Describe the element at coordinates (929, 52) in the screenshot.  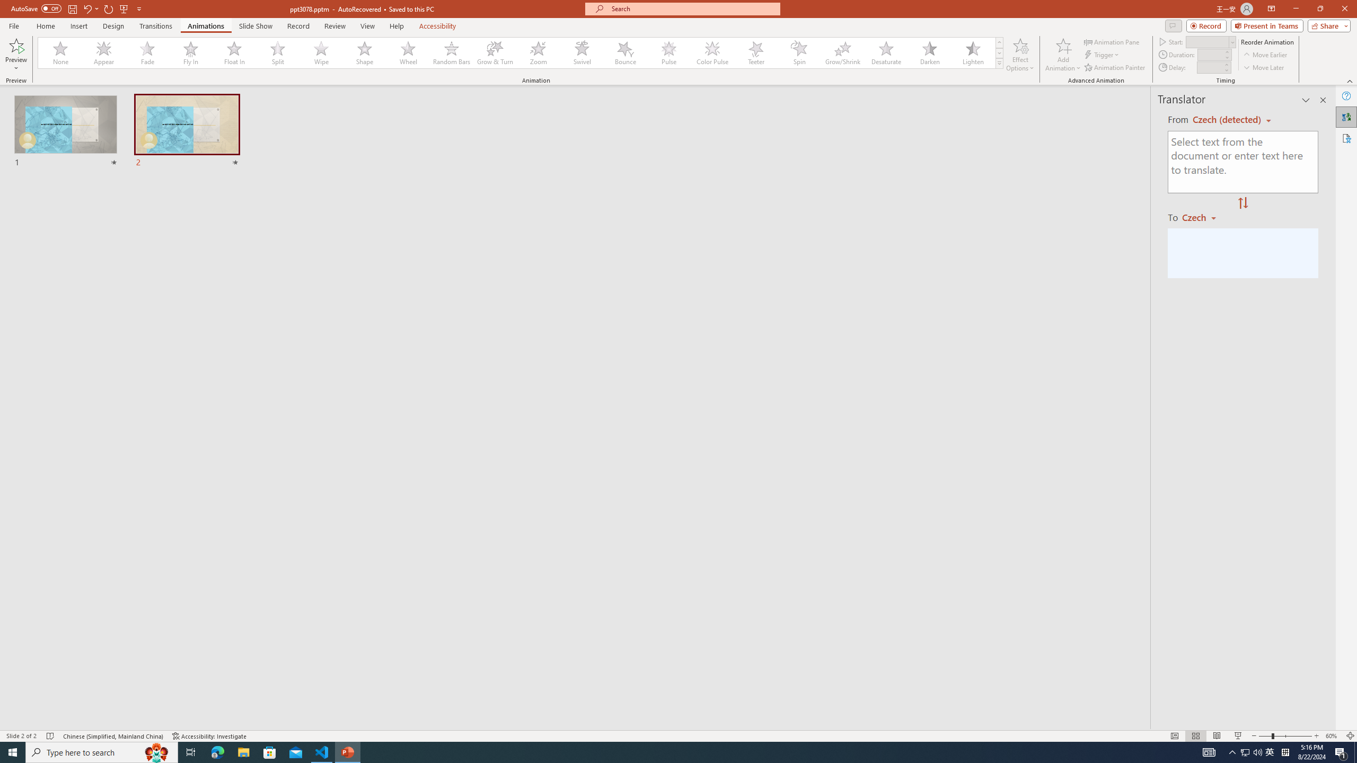
I see `'Darken'` at that location.